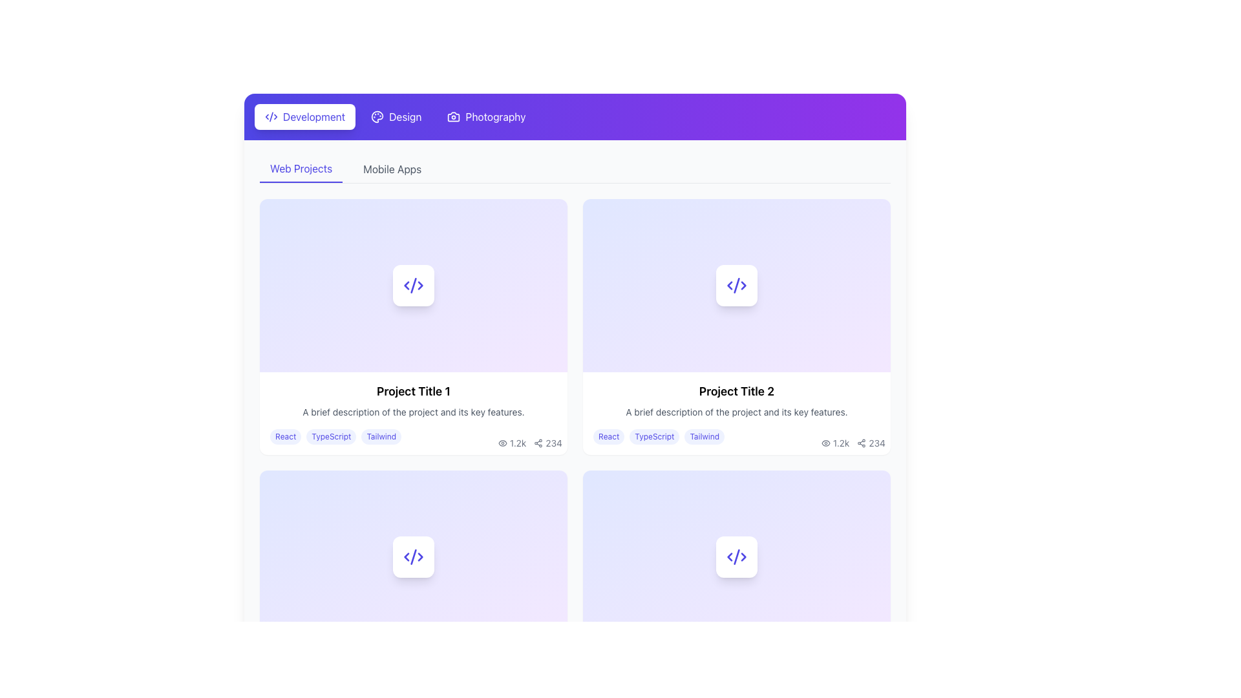 The image size is (1241, 698). I want to click on the rightward arrow icon within the coding symbols graphic on the project display card titled 'Project Title 1', so click(420, 284).